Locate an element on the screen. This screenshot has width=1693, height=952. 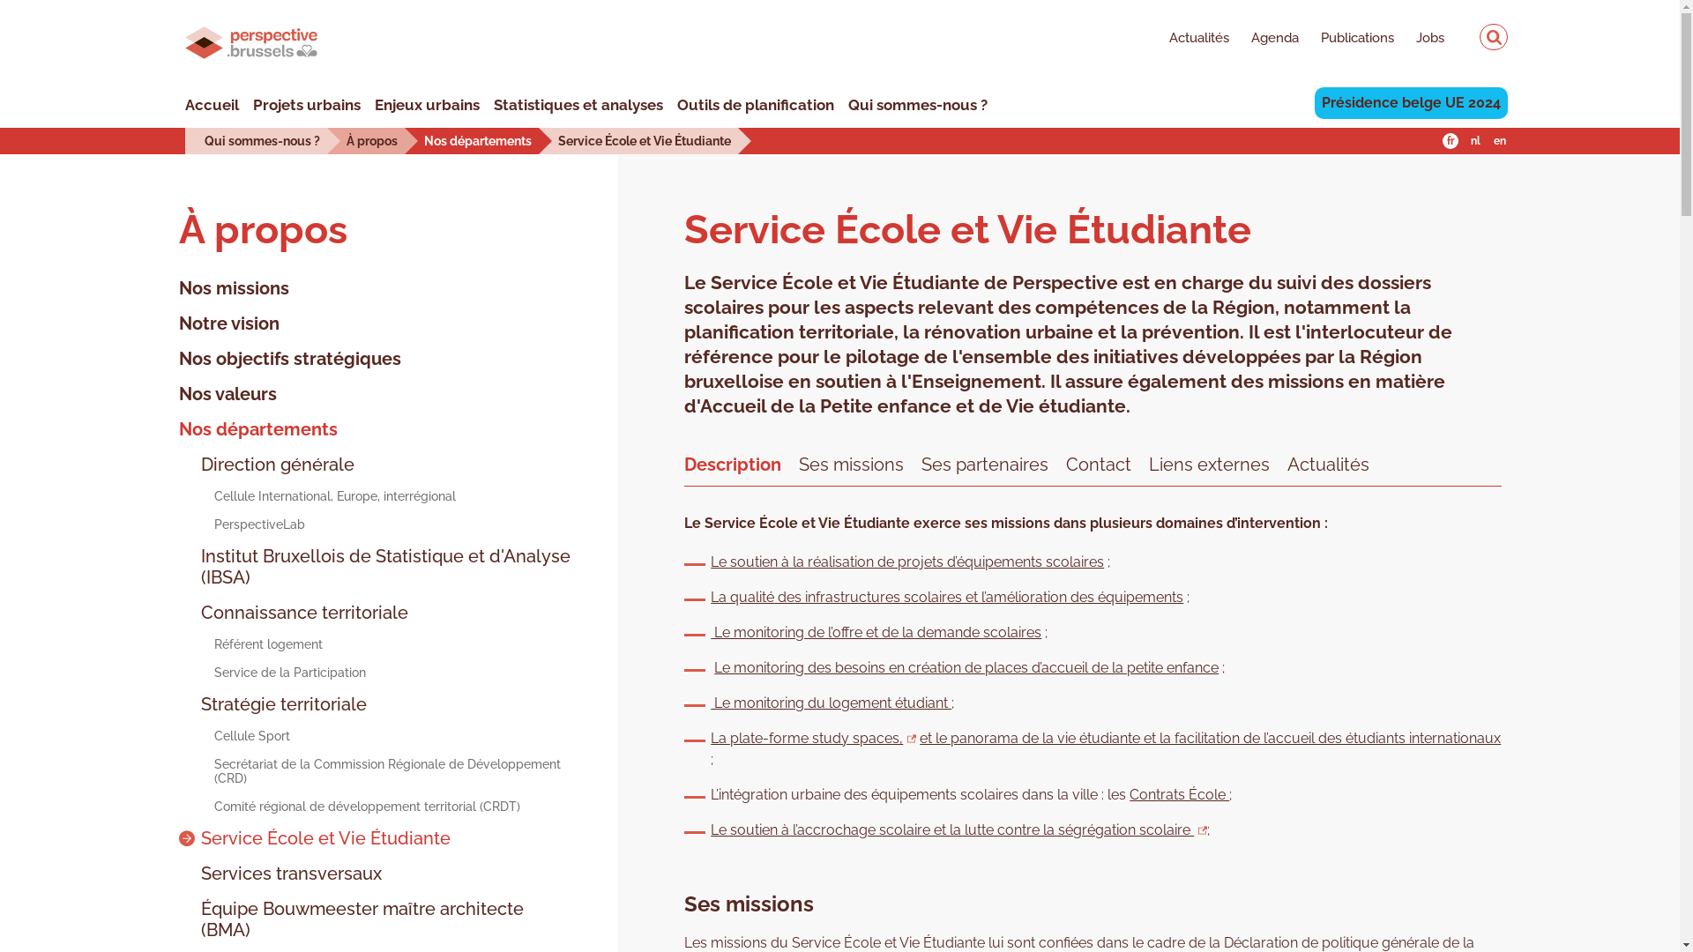
'Qui sommes-nous ?' is located at coordinates (261, 138).